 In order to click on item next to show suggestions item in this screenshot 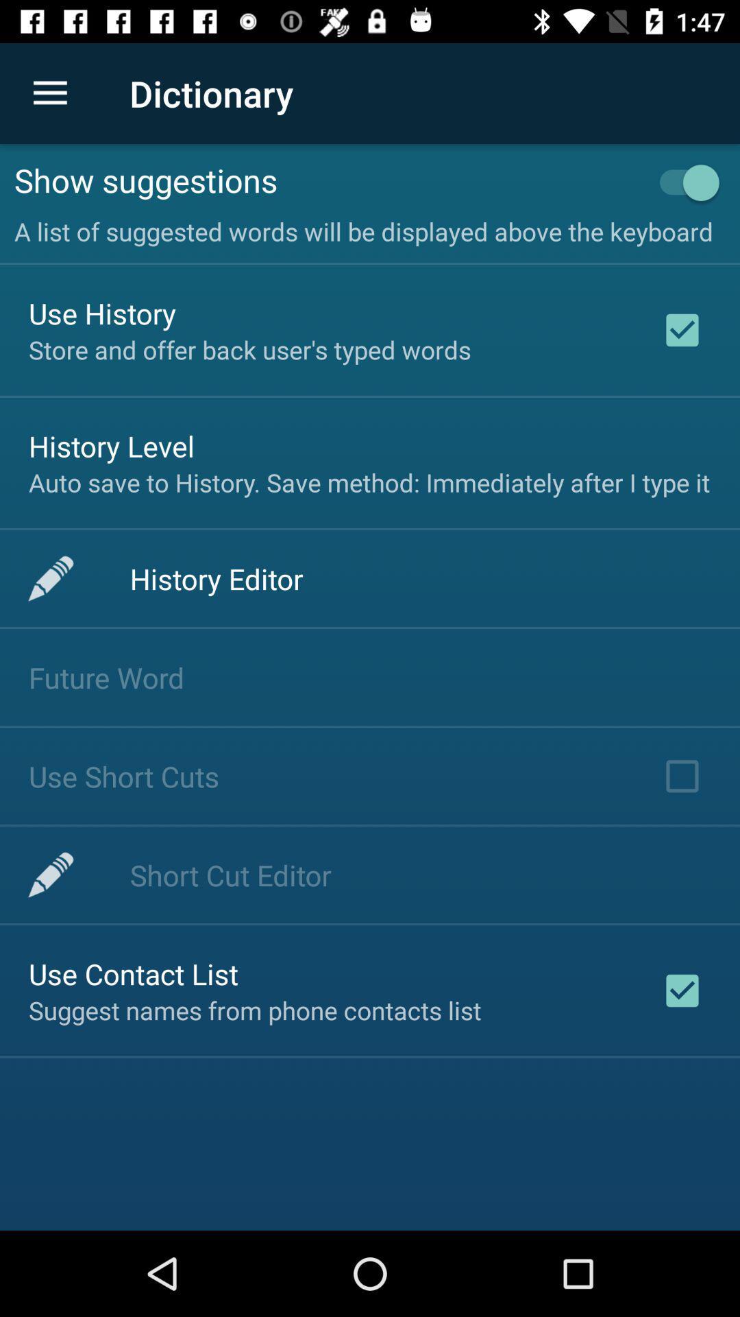, I will do `click(682, 182)`.